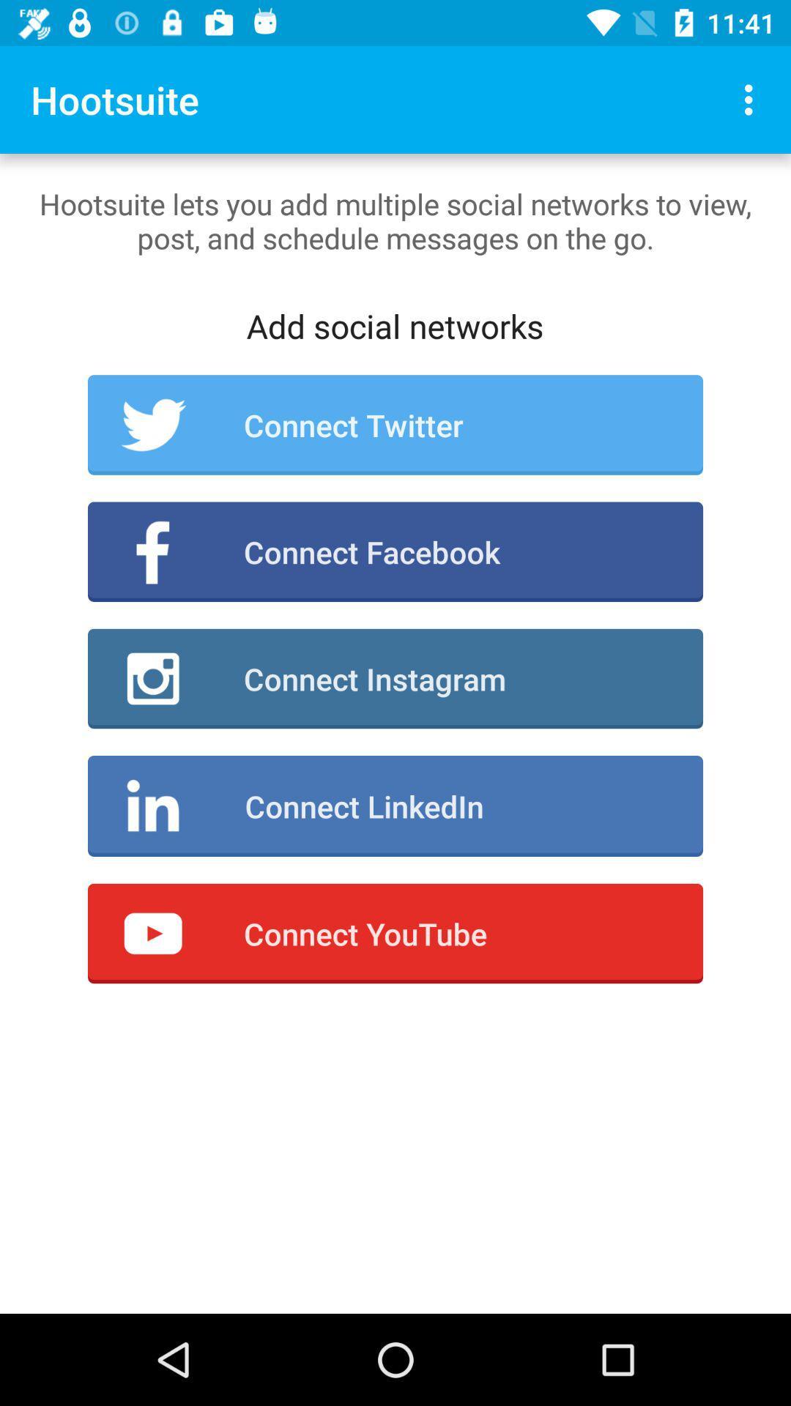 Image resolution: width=791 pixels, height=1406 pixels. What do you see at coordinates (752, 99) in the screenshot?
I see `the icon at the top right corner` at bounding box center [752, 99].